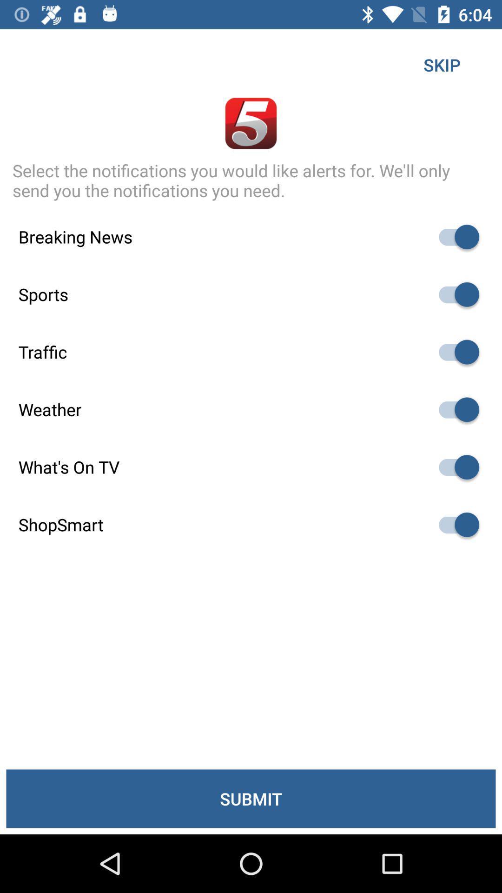  I want to click on submit, so click(251, 798).